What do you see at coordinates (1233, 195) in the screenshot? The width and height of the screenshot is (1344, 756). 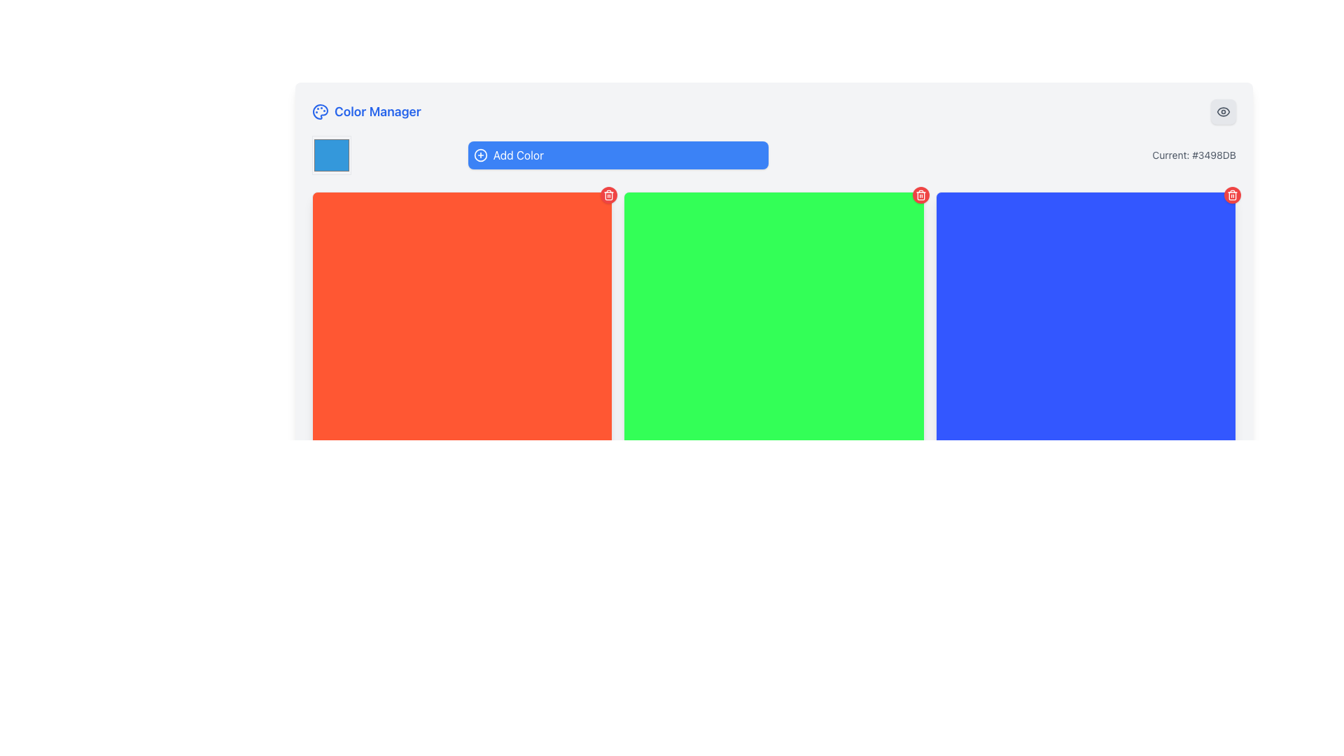 I see `the delete button located at the top-right corner of the blue color card` at bounding box center [1233, 195].